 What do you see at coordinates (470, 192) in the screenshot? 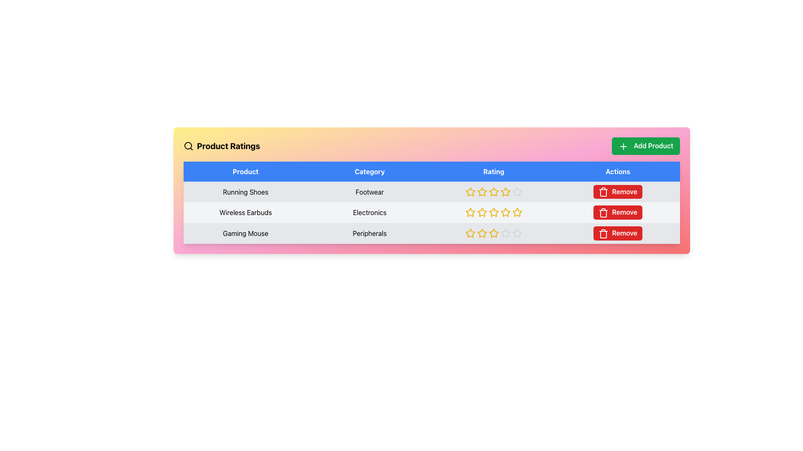
I see `the first star in the 'Rating' column to indicate a 1-star rating for the 'Footwear' item` at bounding box center [470, 192].